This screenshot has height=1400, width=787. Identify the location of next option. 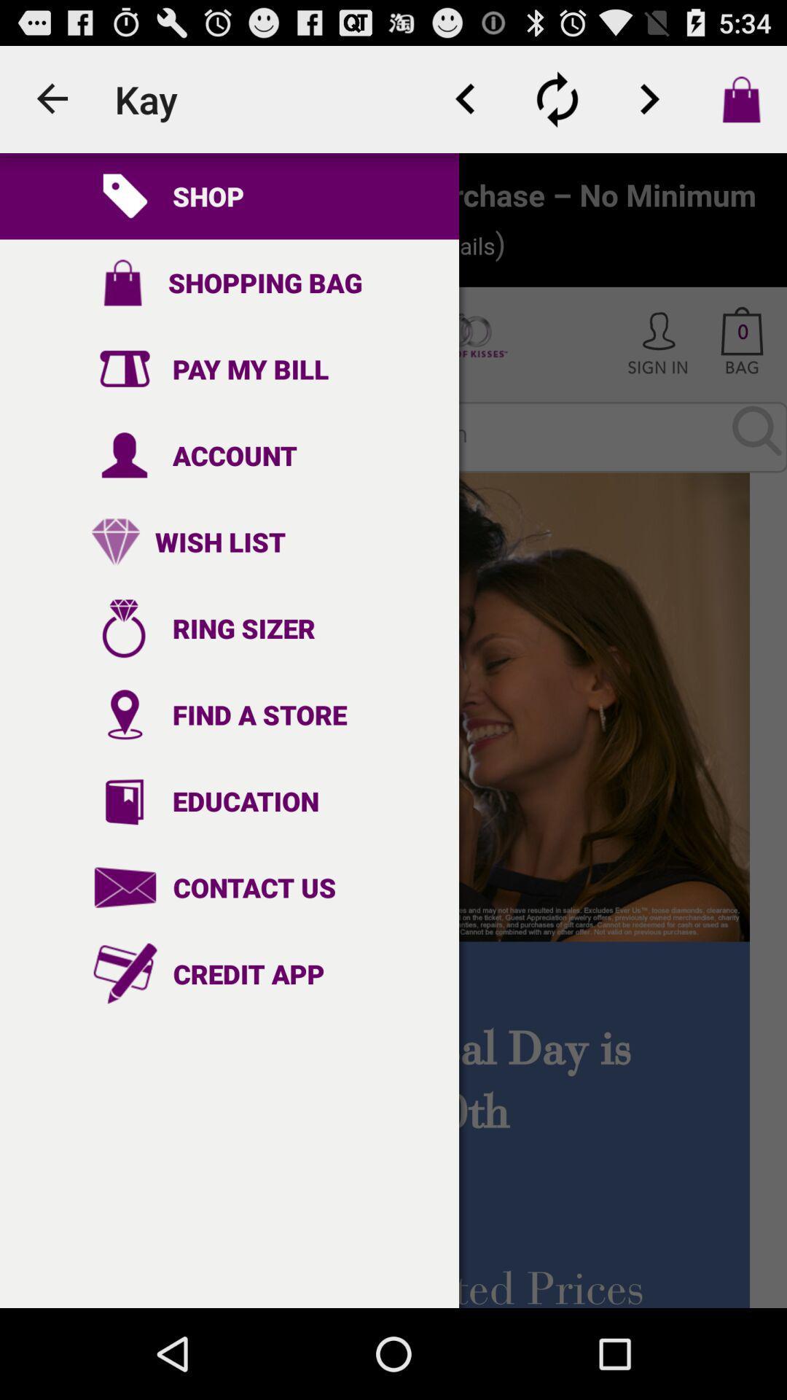
(649, 98).